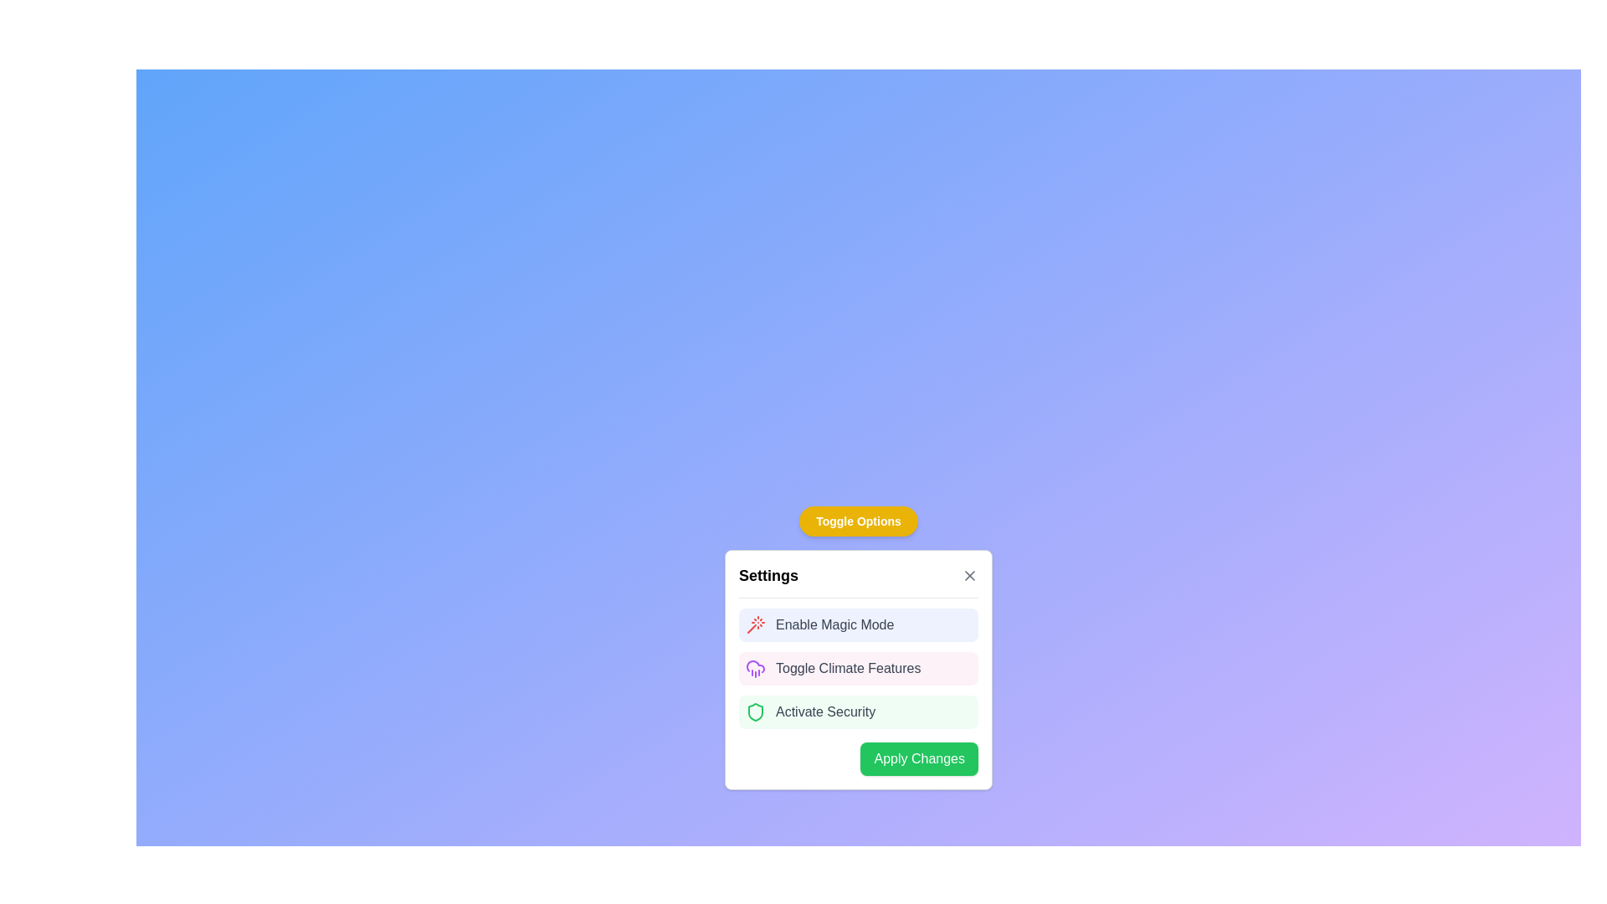  What do you see at coordinates (754, 712) in the screenshot?
I see `the green shield icon located in the third row of the settings options list in the 'Settings' modal panel, which is positioned to the left of the 'Activate Security' text` at bounding box center [754, 712].